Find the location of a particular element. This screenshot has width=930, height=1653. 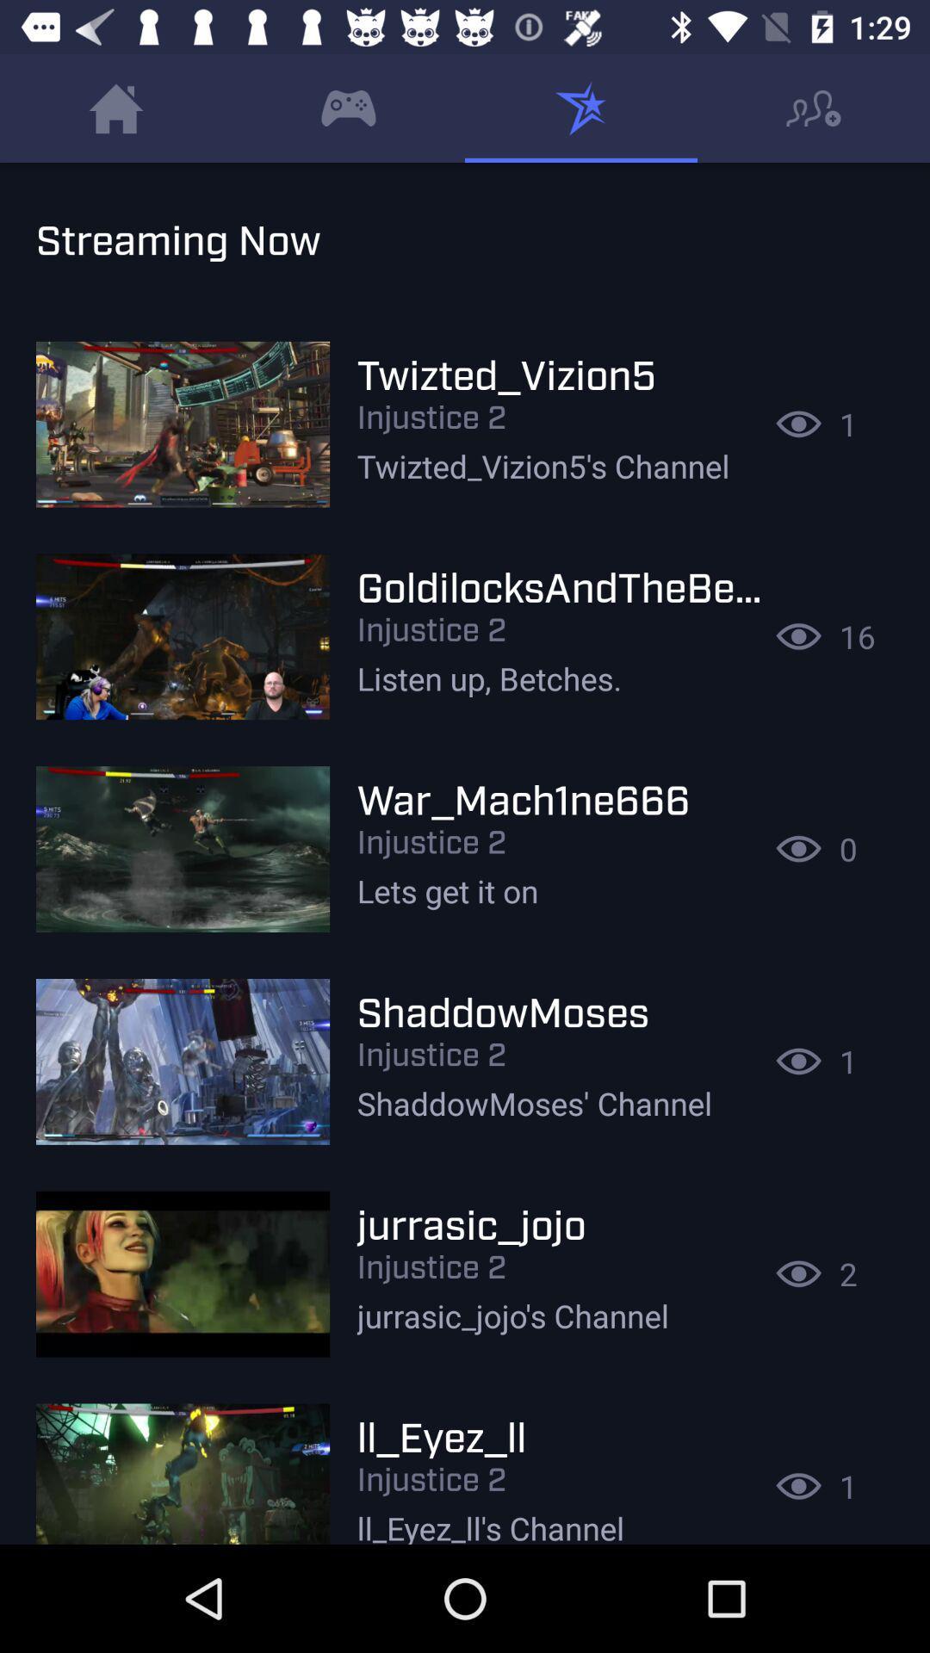

the option next to the home icon is located at coordinates (349, 108).